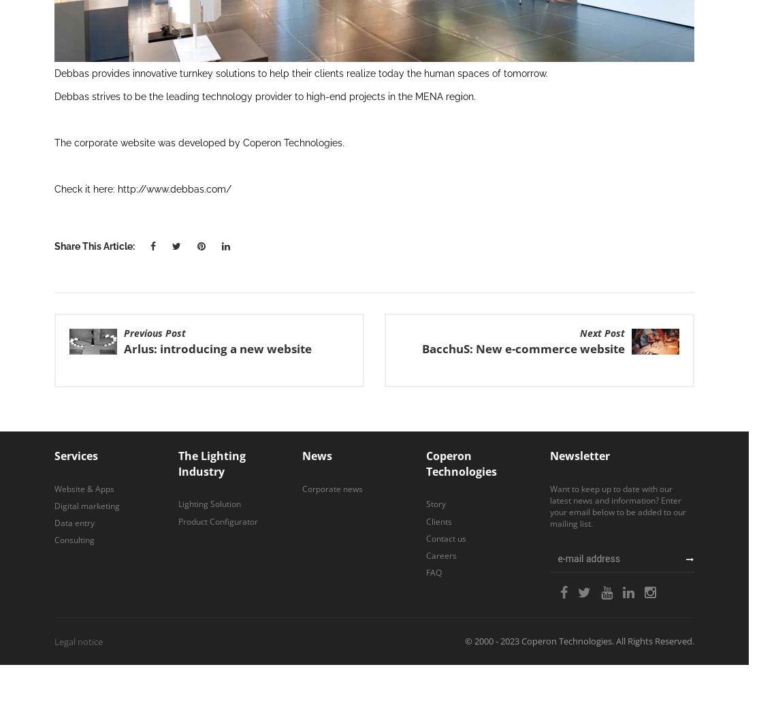  I want to click on 'Arlus: introducing a new website', so click(218, 348).